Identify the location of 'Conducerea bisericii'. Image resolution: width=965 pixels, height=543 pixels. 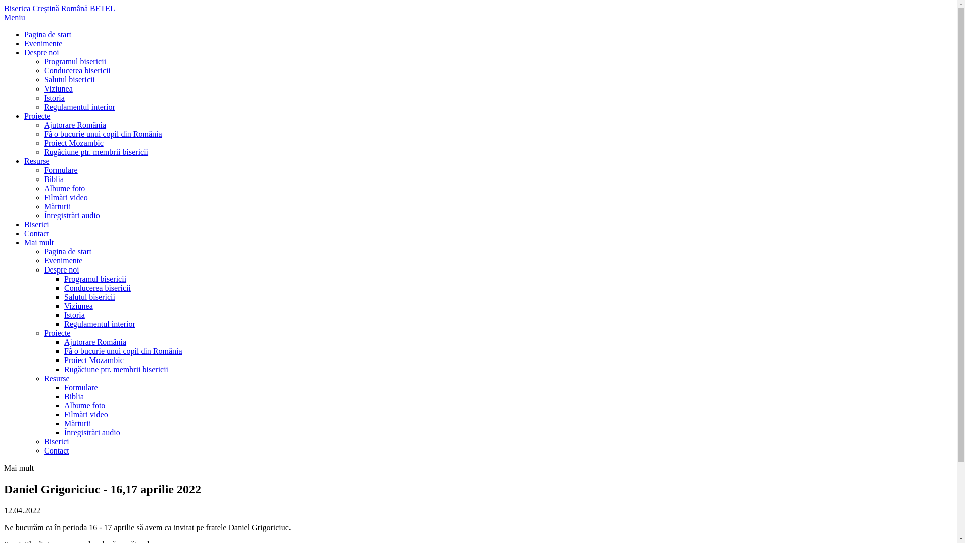
(64, 288).